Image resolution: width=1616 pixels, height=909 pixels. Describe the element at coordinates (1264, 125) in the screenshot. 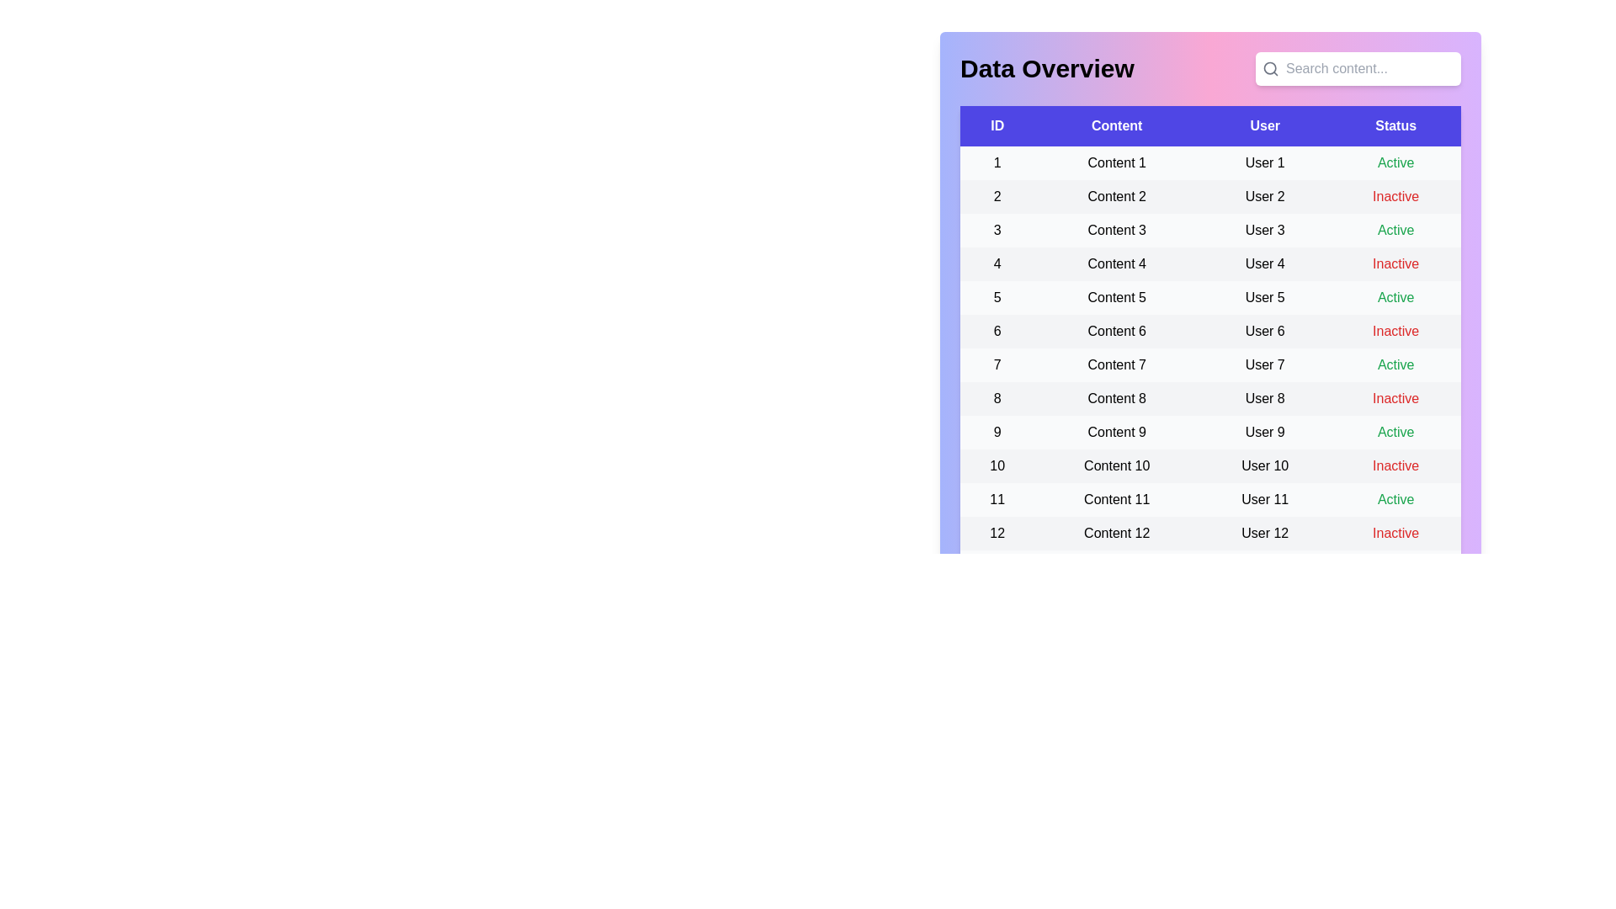

I see `the column header User to sort the table by that column` at that location.